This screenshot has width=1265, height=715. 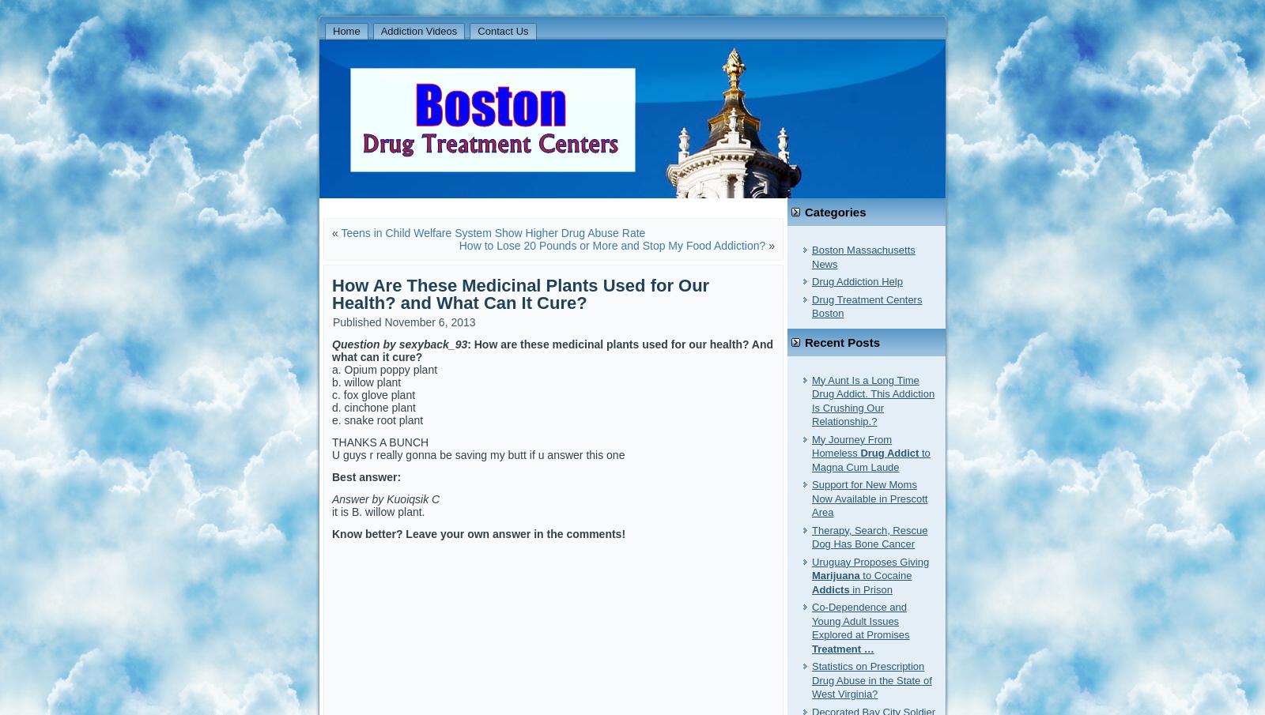 I want to click on 'Uruguay Proposes Giving', so click(x=870, y=560).